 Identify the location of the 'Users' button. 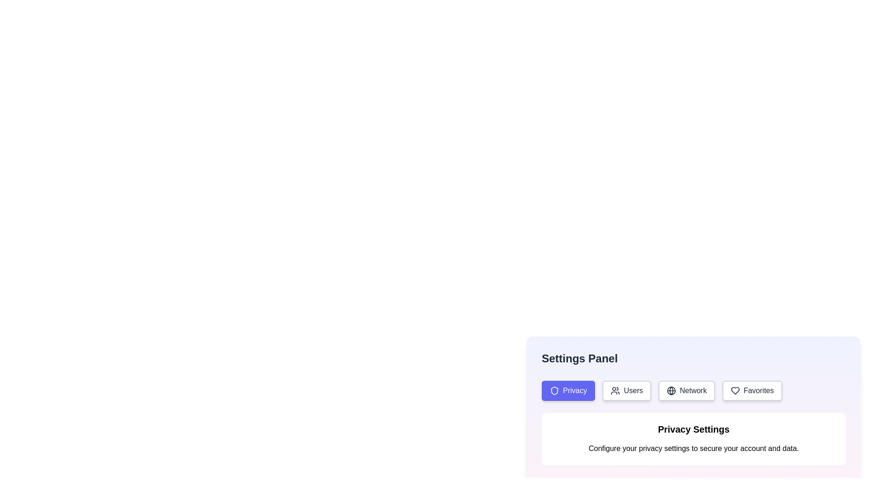
(633, 391).